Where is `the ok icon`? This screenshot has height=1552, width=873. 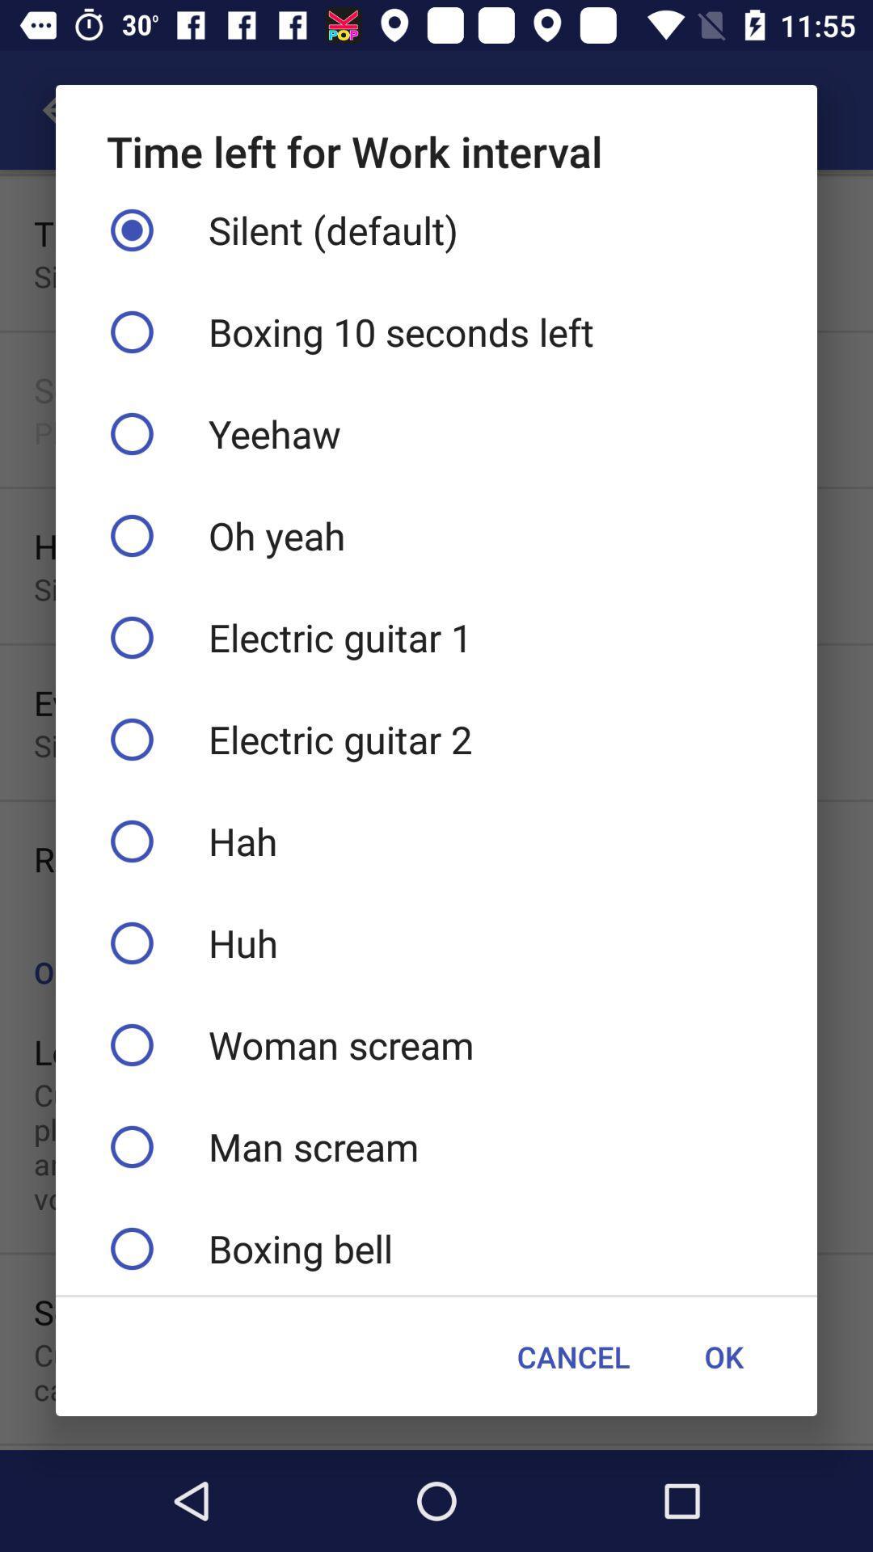 the ok icon is located at coordinates (723, 1356).